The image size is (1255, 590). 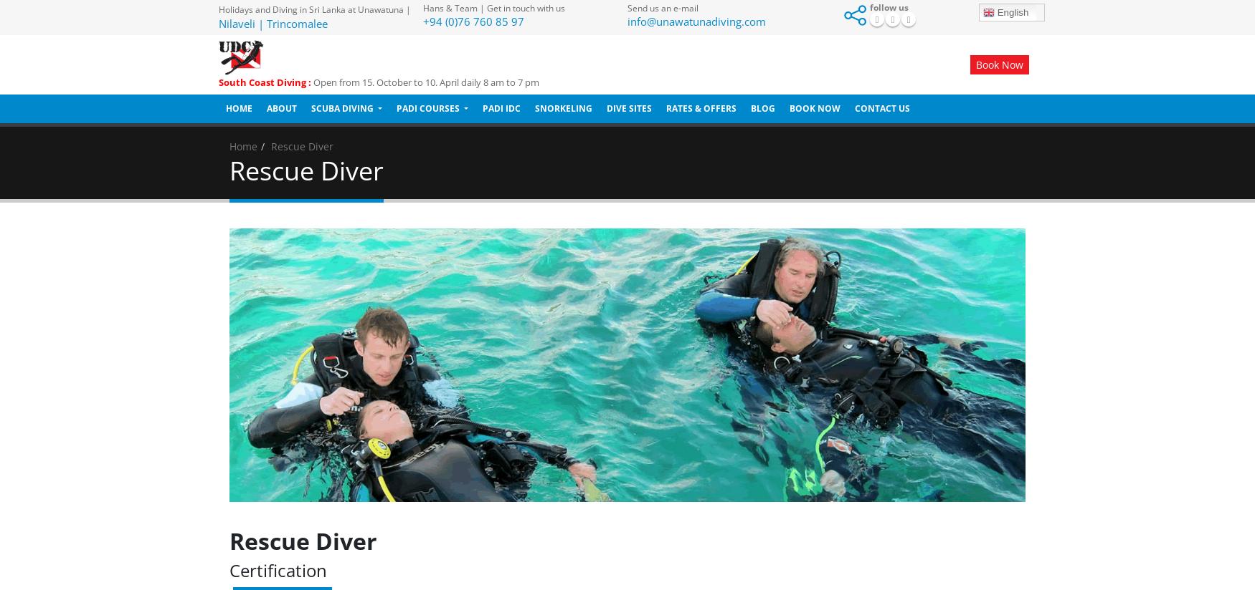 I want to click on 'South Coast Diving :', so click(x=265, y=82).